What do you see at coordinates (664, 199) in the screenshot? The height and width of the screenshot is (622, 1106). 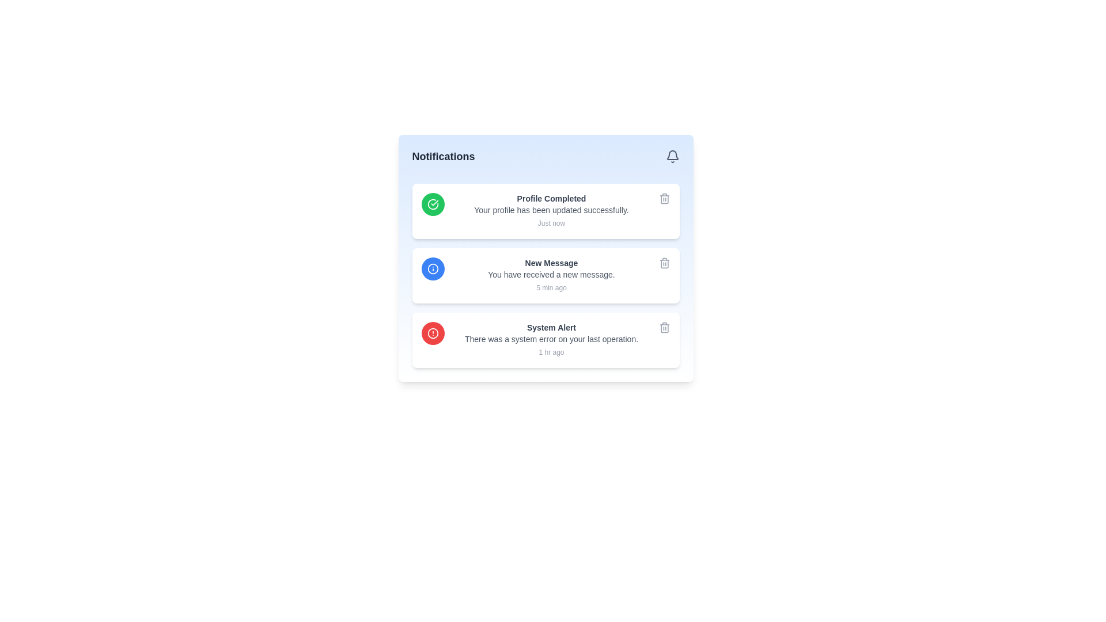 I see `the trash bin icon located in the top-right corner of the 'Profile Completed' notification card within the 'Notifications' section` at bounding box center [664, 199].